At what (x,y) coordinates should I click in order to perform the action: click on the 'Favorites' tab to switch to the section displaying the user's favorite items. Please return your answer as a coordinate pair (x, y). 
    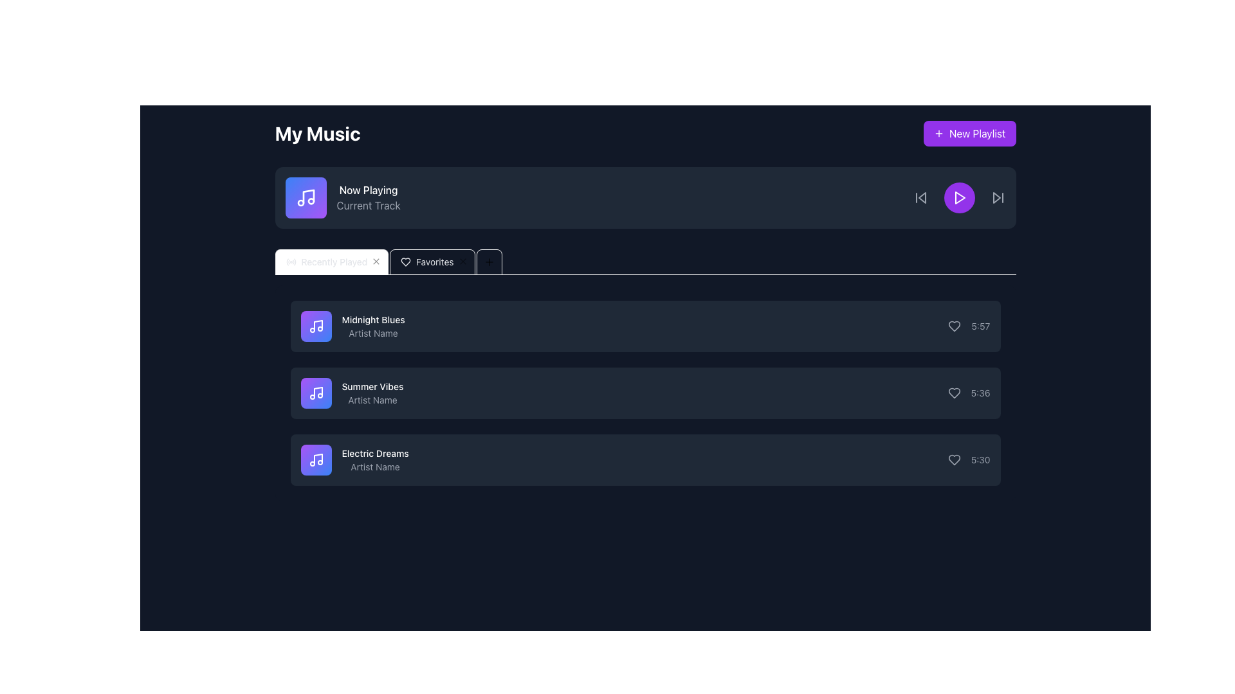
    Looking at the image, I should click on (432, 262).